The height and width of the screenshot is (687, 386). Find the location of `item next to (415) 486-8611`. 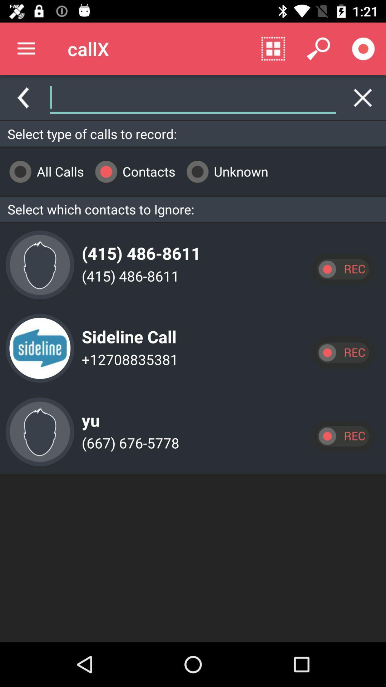

item next to (415) 486-8611 is located at coordinates (40, 264).